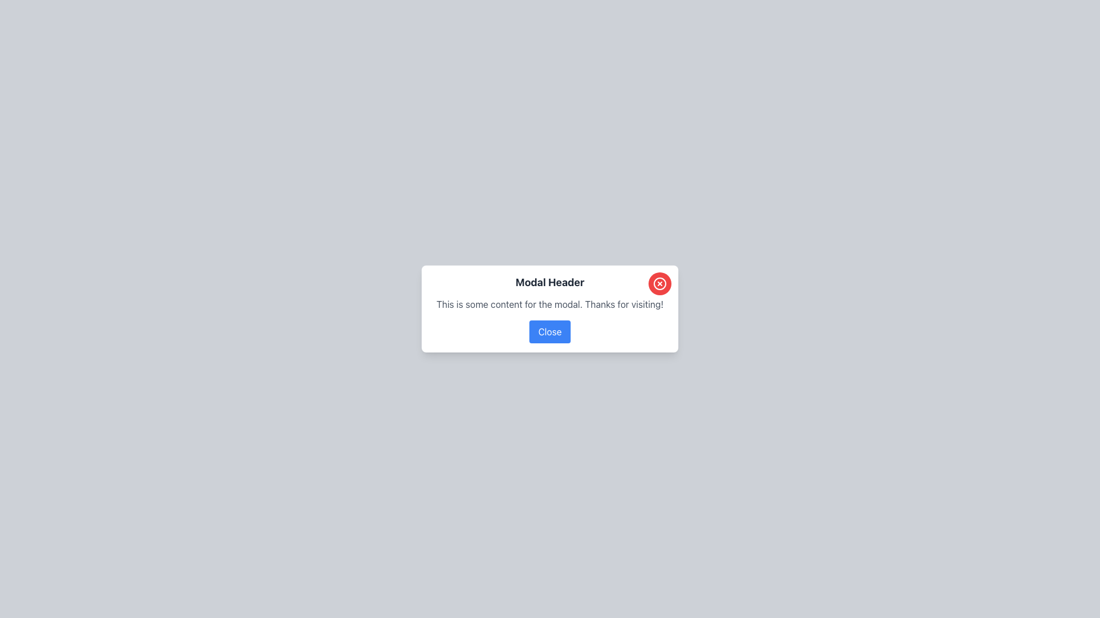  What do you see at coordinates (550, 331) in the screenshot?
I see `the 'Close' button with a vibrant blue background and white text` at bounding box center [550, 331].